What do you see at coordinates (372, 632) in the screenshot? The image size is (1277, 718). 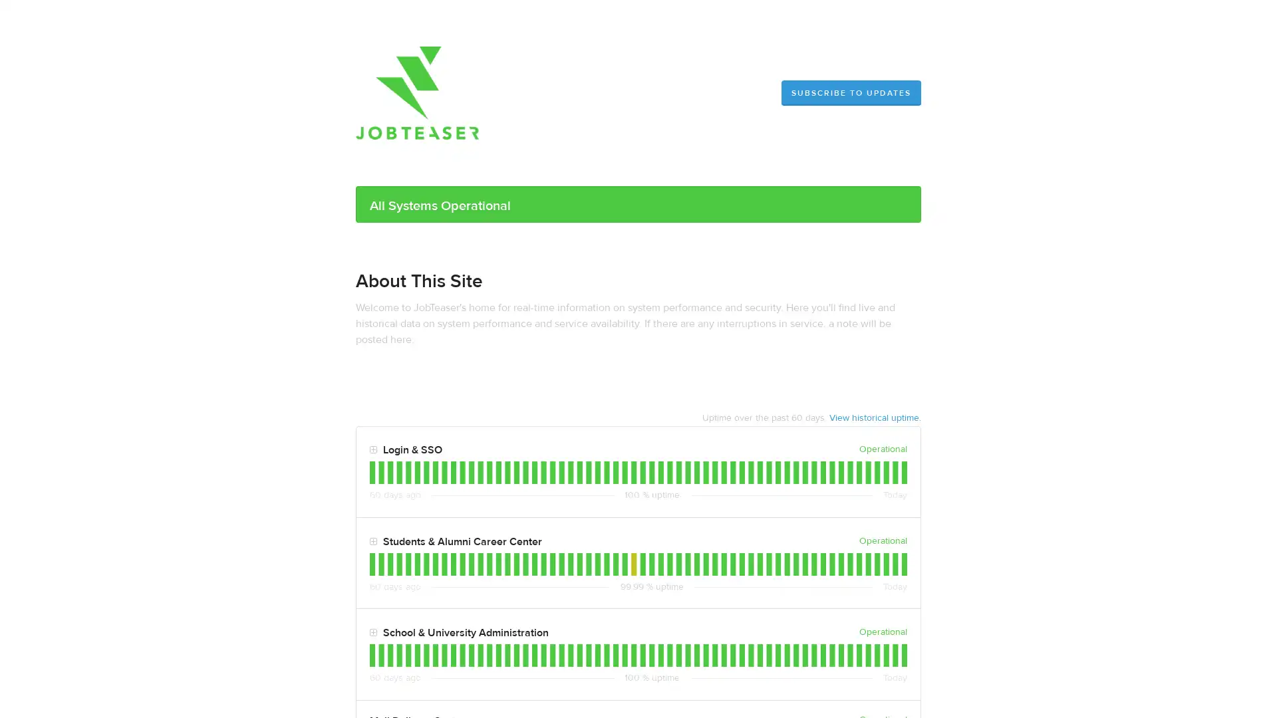 I see `Toggle School & University Administration` at bounding box center [372, 632].